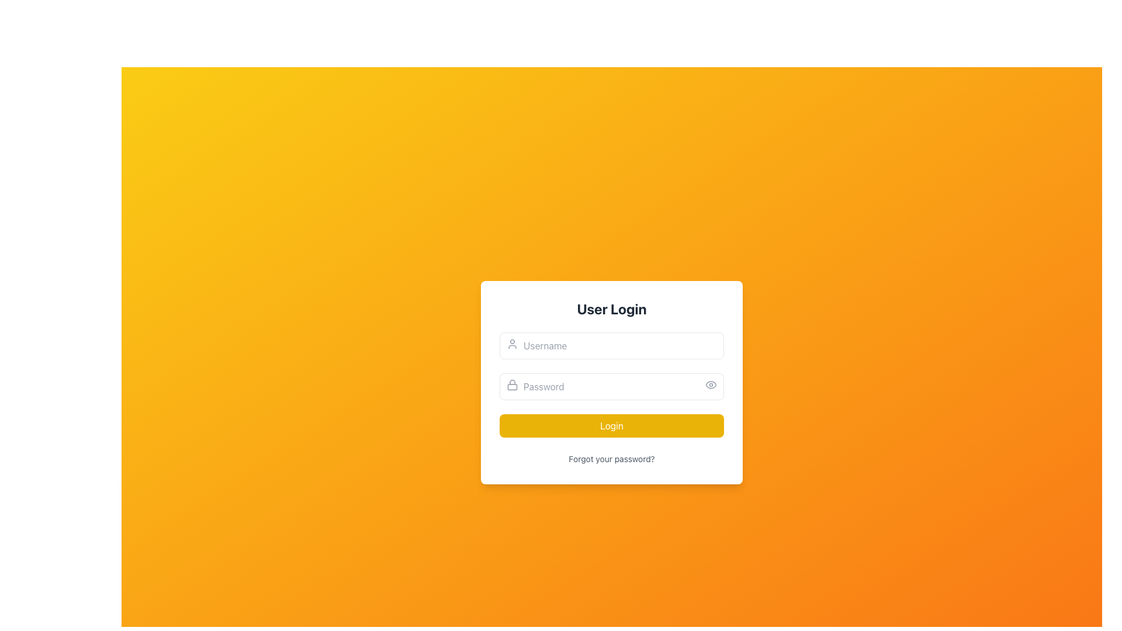 The image size is (1122, 631). What do you see at coordinates (512, 385) in the screenshot?
I see `the lock icon that indicates the adjacent input field is for entering a password or similar secure information` at bounding box center [512, 385].